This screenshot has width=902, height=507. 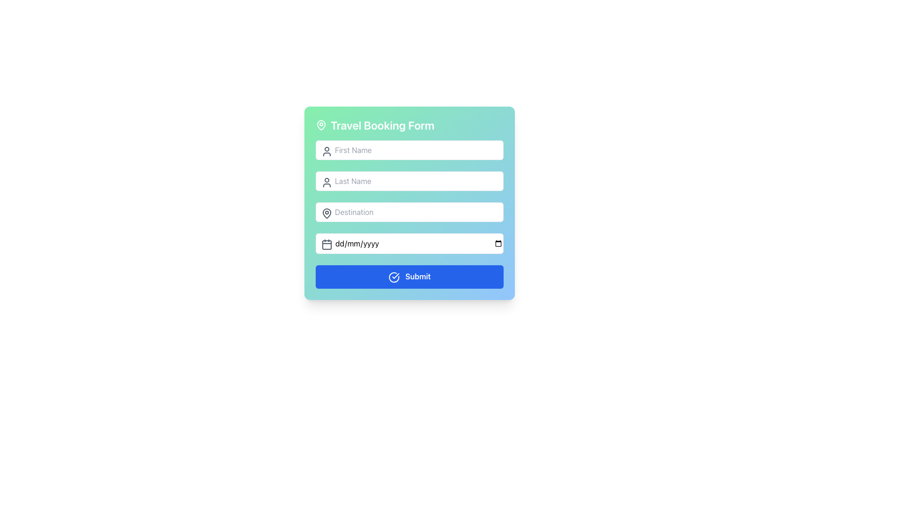 I want to click on the submission button located at the bottom of the 'Travel Booking Form', so click(x=410, y=276).